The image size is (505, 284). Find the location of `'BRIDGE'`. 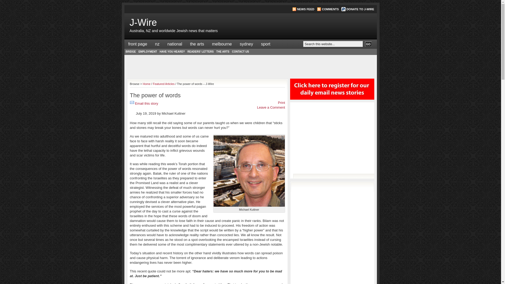

'BRIDGE' is located at coordinates (124, 52).